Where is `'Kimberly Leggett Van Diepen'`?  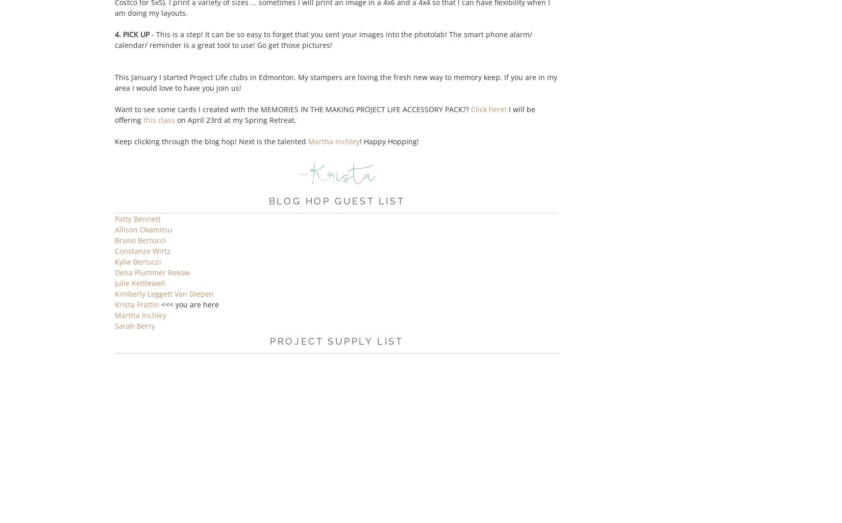 'Kimberly Leggett Van Diepen' is located at coordinates (164, 293).